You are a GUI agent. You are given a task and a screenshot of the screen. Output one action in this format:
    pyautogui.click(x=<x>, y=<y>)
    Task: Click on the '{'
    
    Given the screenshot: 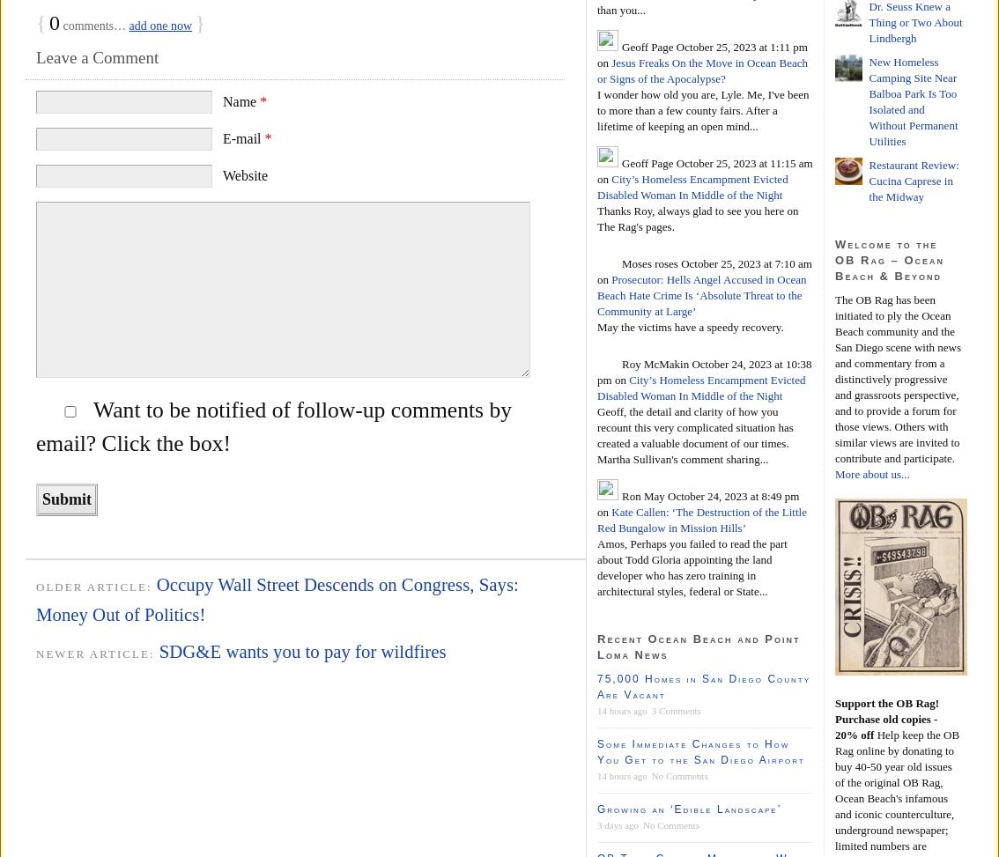 What is the action you would take?
    pyautogui.click(x=35, y=22)
    